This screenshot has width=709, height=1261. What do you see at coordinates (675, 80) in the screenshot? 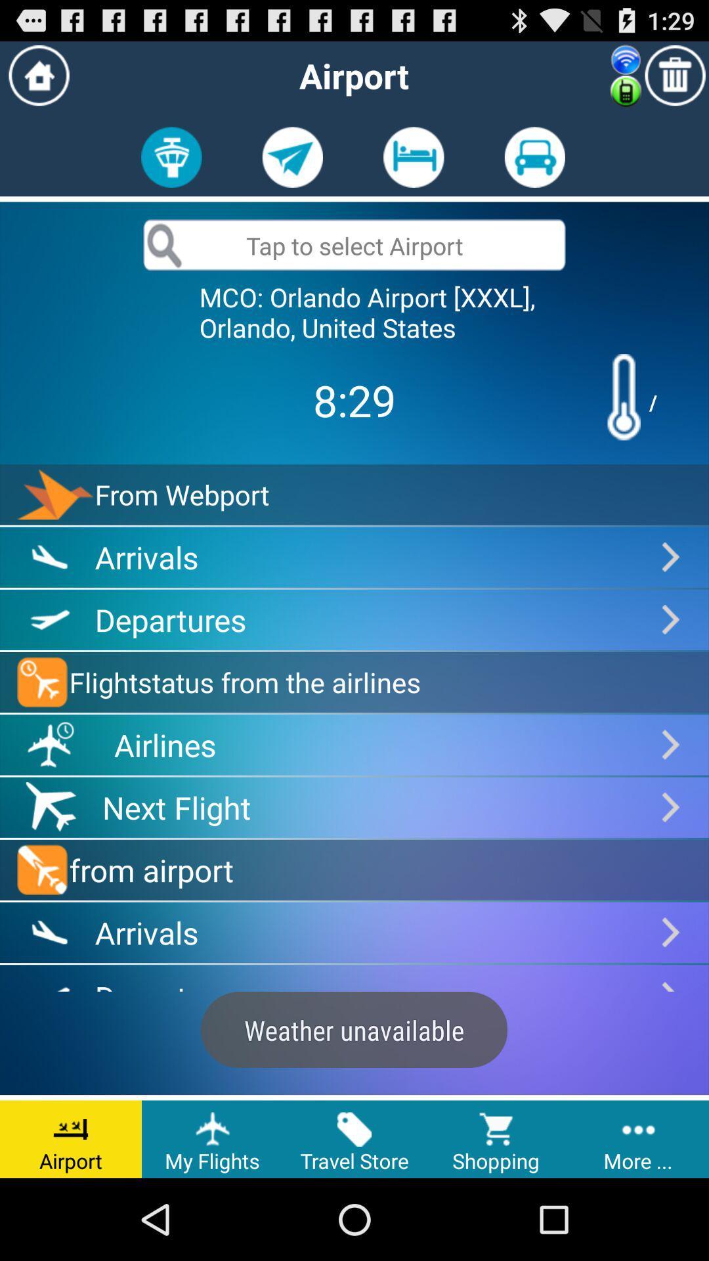
I see `the delete icon` at bounding box center [675, 80].